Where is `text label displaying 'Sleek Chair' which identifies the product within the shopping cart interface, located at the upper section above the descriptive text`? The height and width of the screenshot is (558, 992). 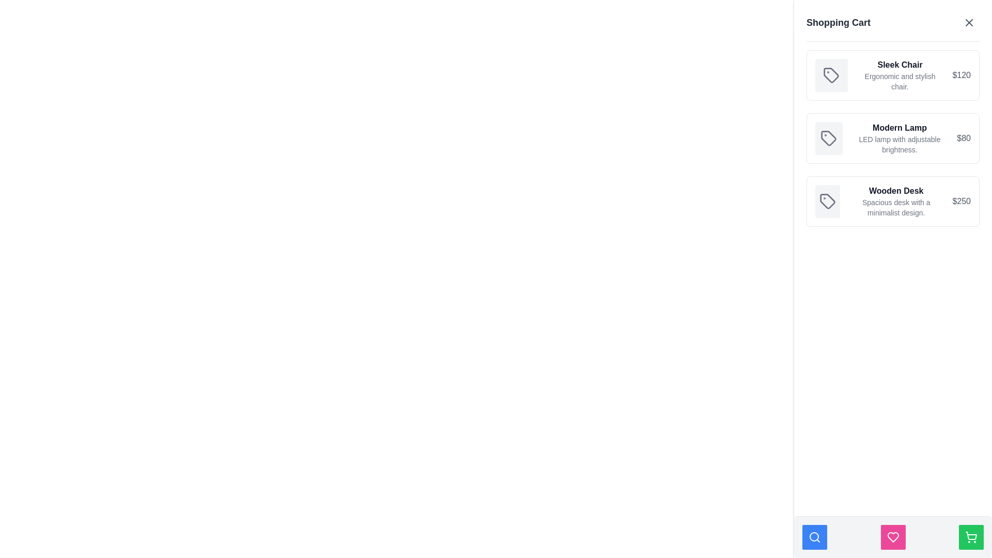
text label displaying 'Sleek Chair' which identifies the product within the shopping cart interface, located at the upper section above the descriptive text is located at coordinates (900, 65).